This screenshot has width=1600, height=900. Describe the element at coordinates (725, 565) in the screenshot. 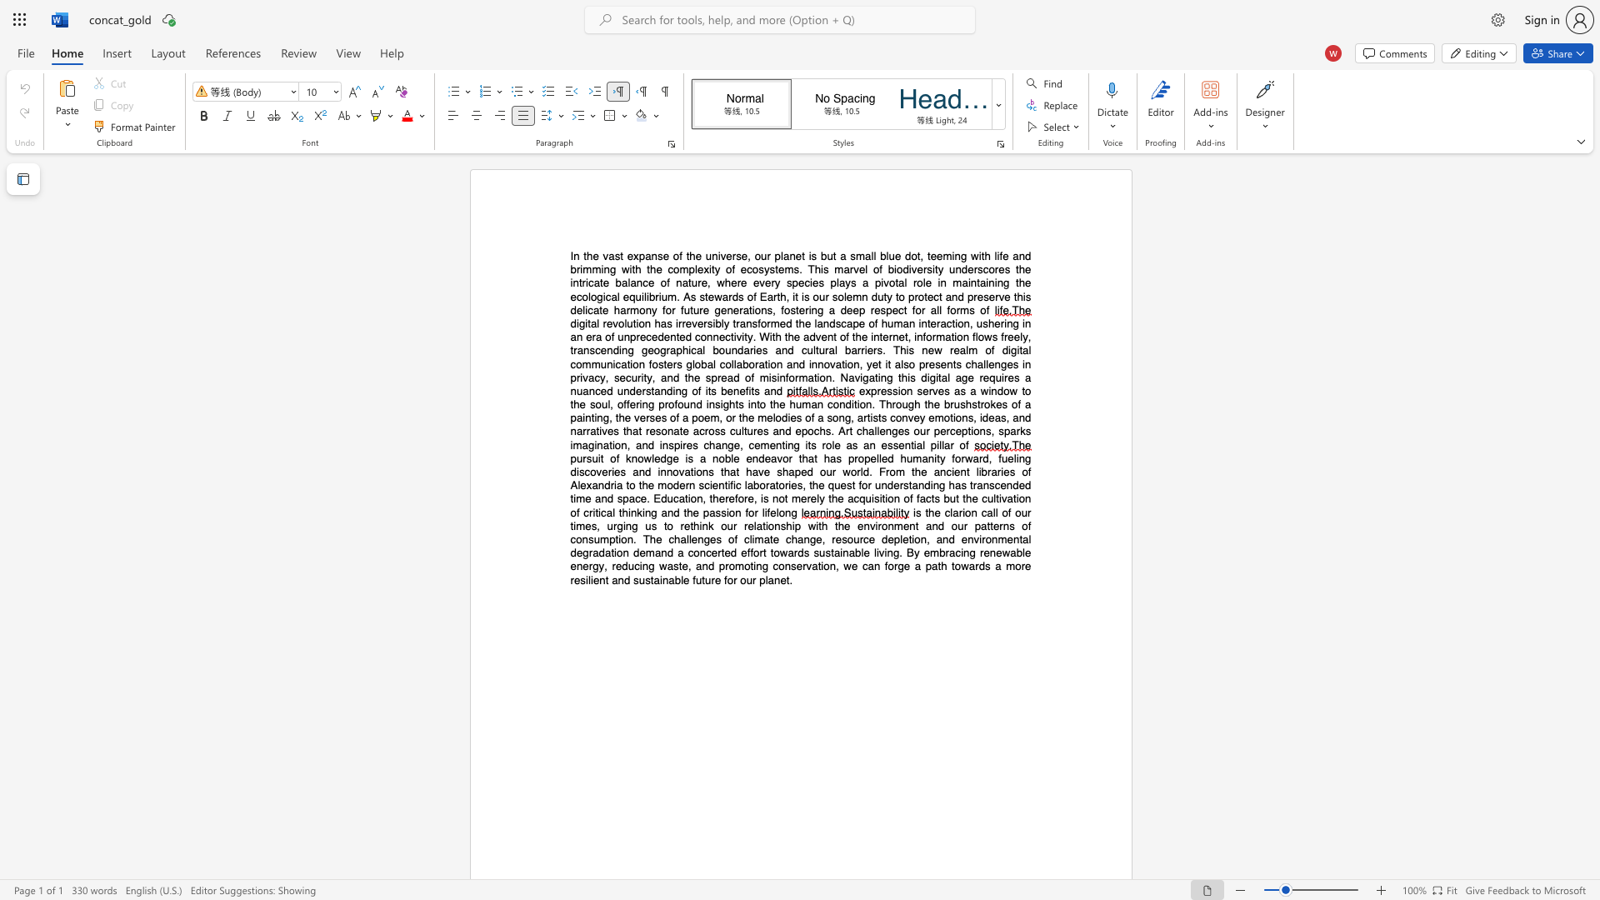

I see `the subset text "romoting conservation, we can forge a path toward" within the text "is the clarion call of our times, urging us to rethink our relationship with the environment and our patterns of consumption. The challenges of climate change, resource depletion, and environmental degradation demand a concerted effort towards sustainable living. By embracing renewable energy, reducing waste, and promoting conservation, we can forge a path towards a more resilient and sustainable future for our planet."` at that location.